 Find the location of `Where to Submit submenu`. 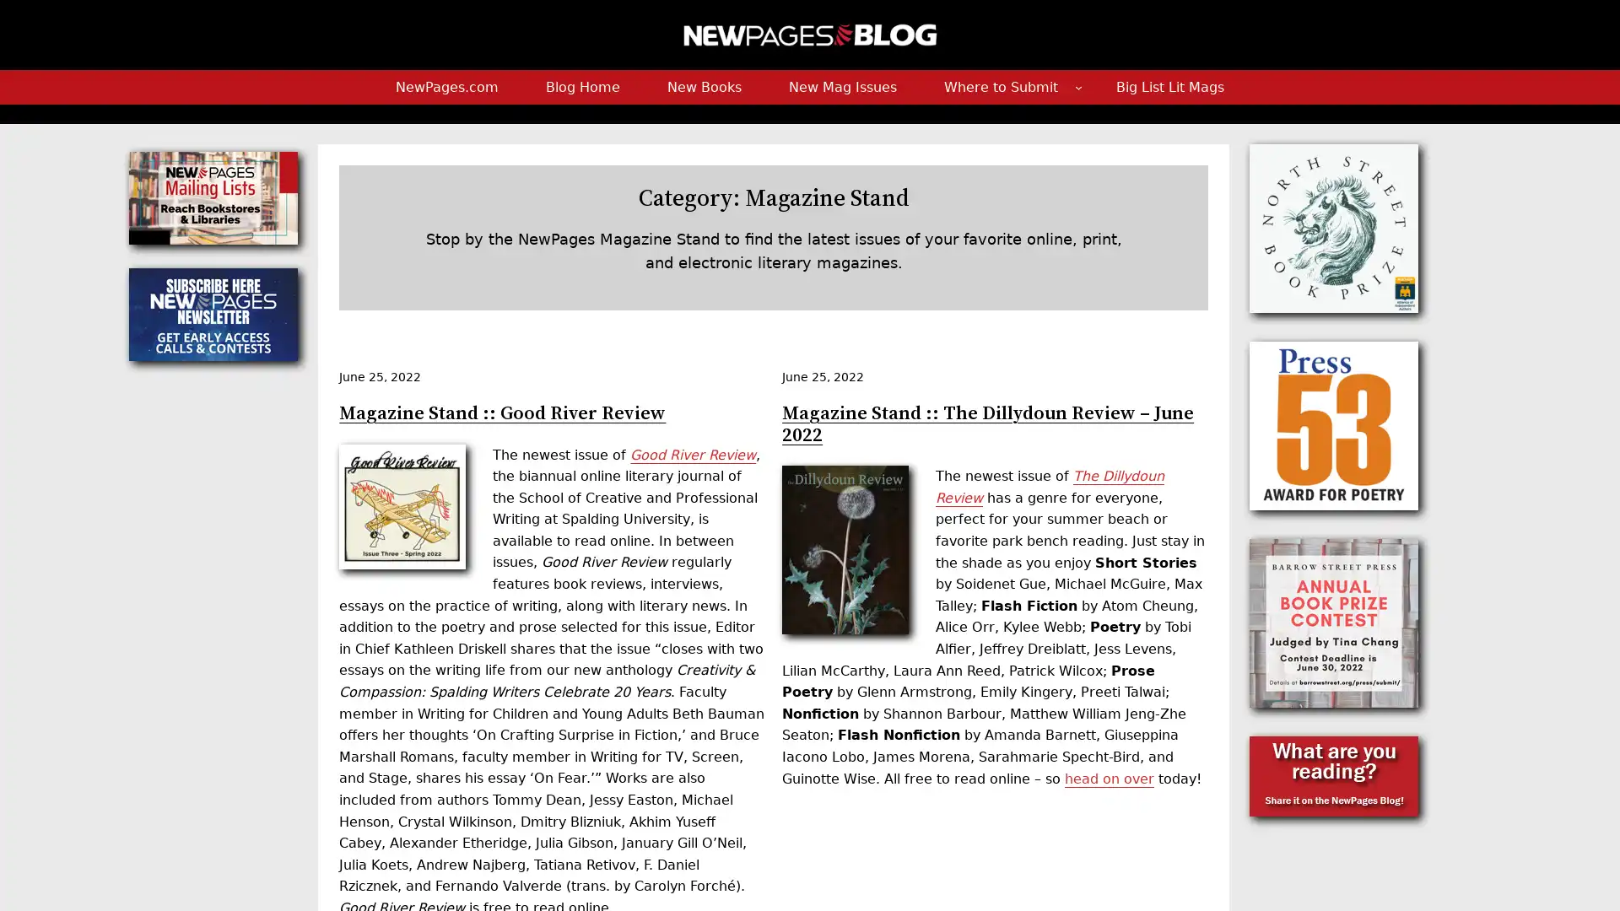

Where to Submit submenu is located at coordinates (1077, 87).